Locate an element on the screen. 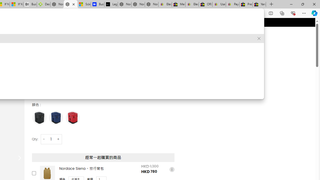  'Nordace - Summer Adventures 2024' is located at coordinates (57, 4).